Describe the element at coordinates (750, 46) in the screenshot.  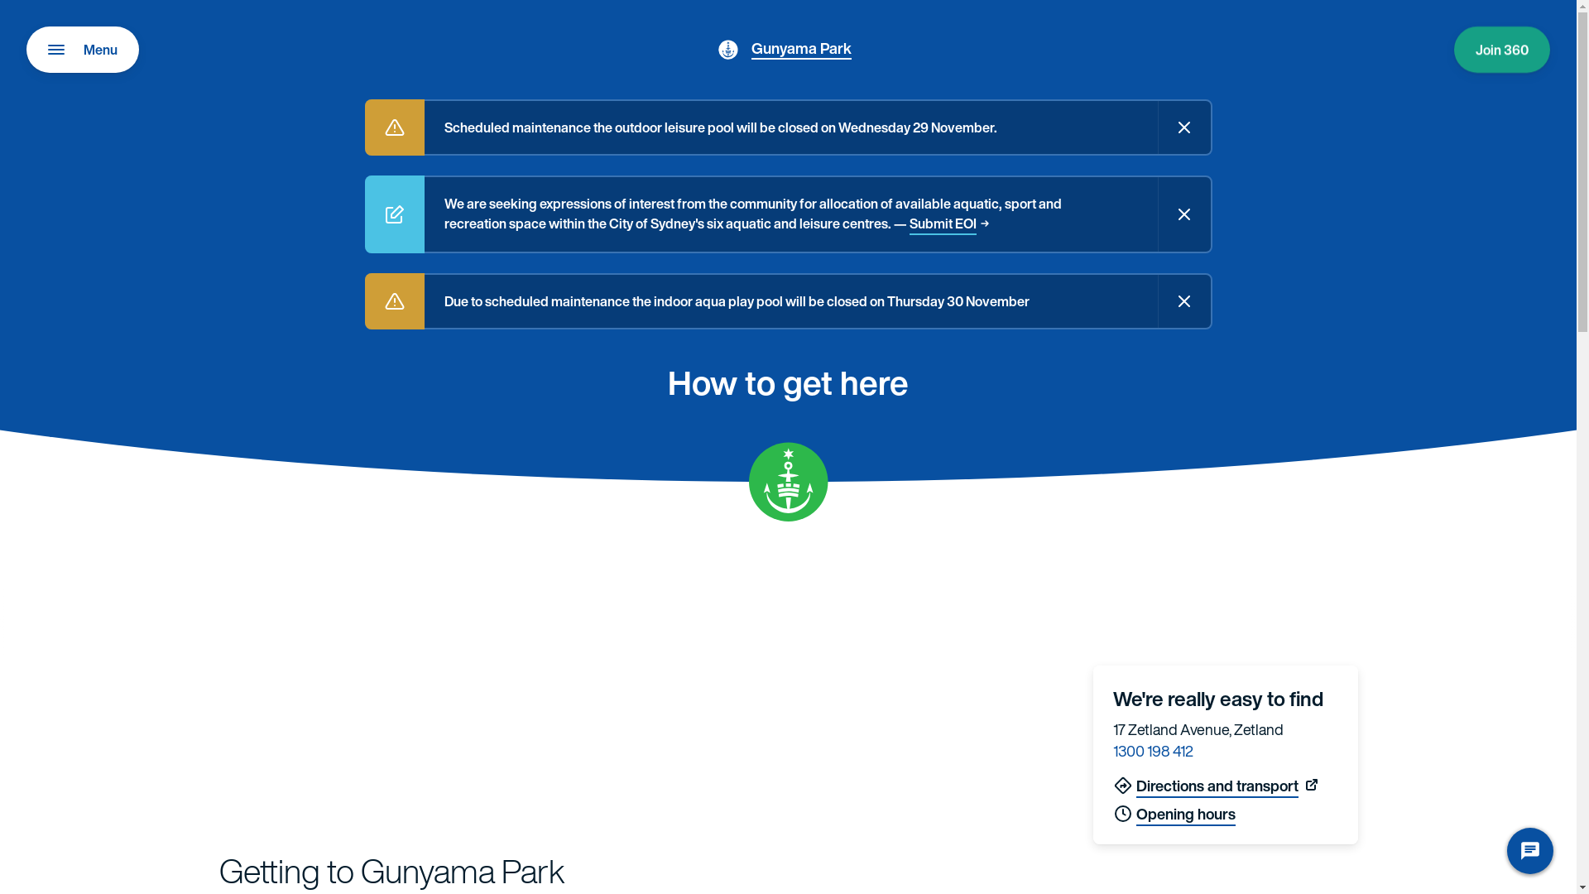
I see `'Gunyama Park'` at that location.